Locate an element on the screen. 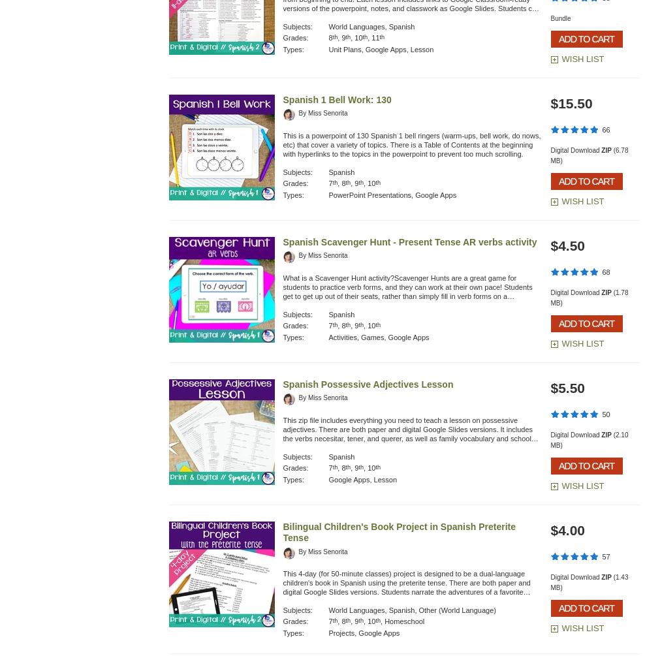 The height and width of the screenshot is (656, 645). '66' is located at coordinates (606, 129).